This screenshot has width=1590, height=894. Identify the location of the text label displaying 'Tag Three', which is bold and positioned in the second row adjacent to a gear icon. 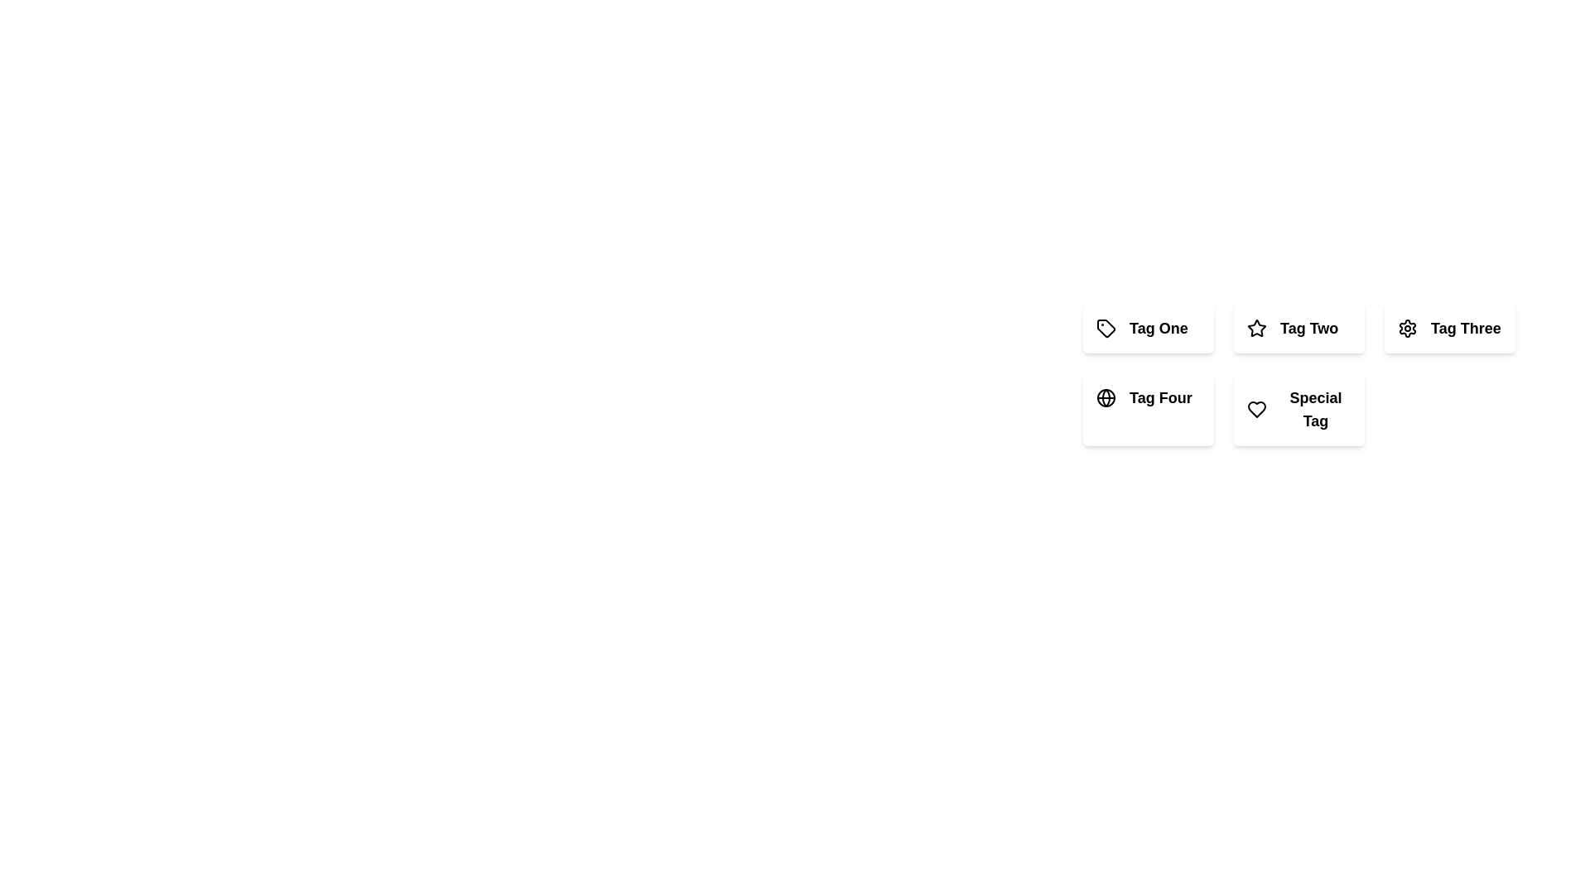
(1466, 329).